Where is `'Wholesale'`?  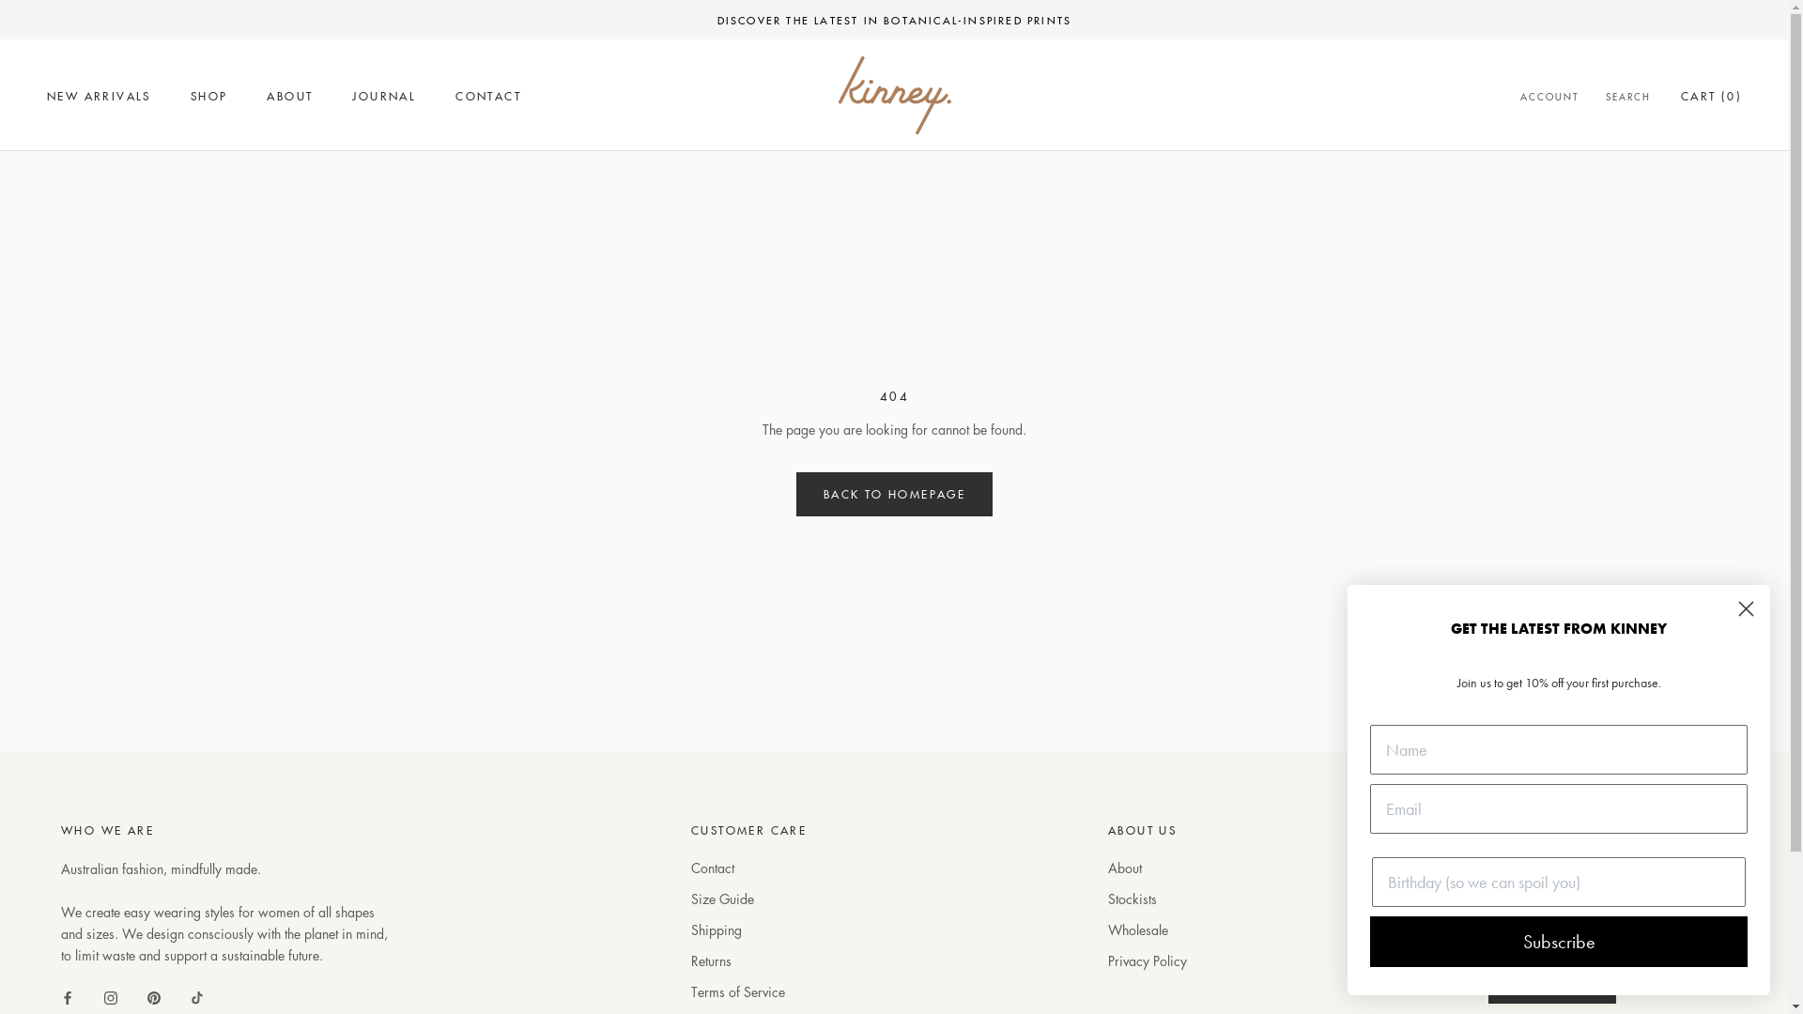 'Wholesale' is located at coordinates (1147, 929).